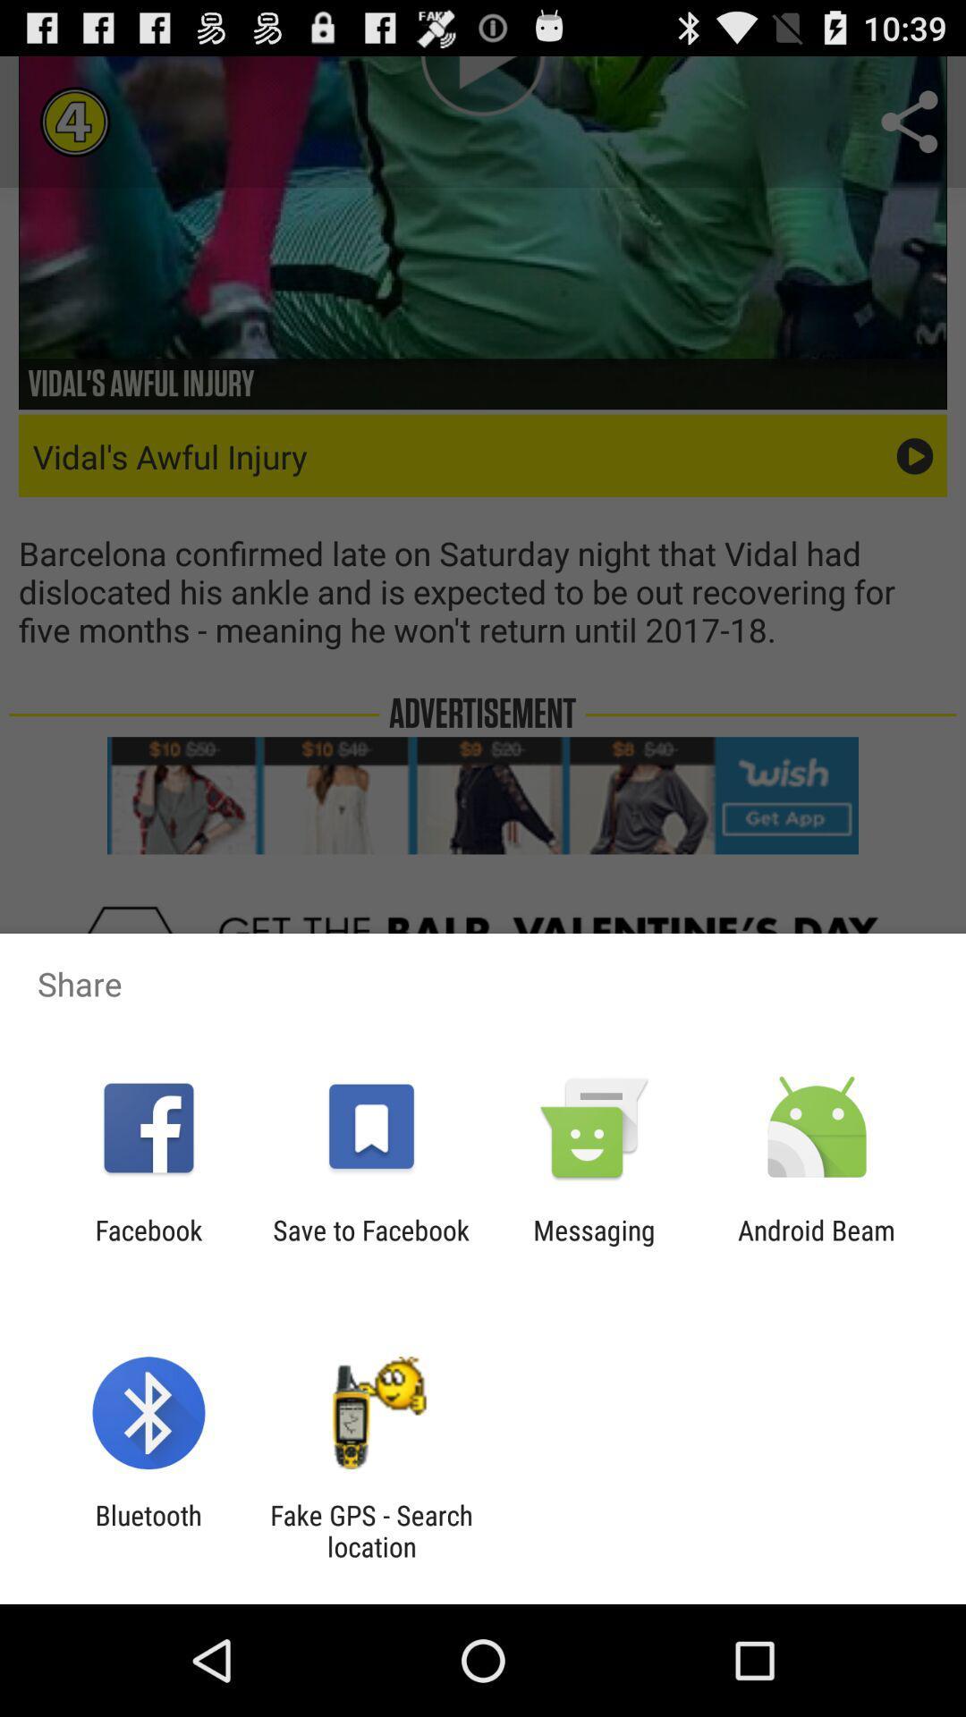  Describe the element at coordinates (817, 1245) in the screenshot. I see `item next to messaging icon` at that location.